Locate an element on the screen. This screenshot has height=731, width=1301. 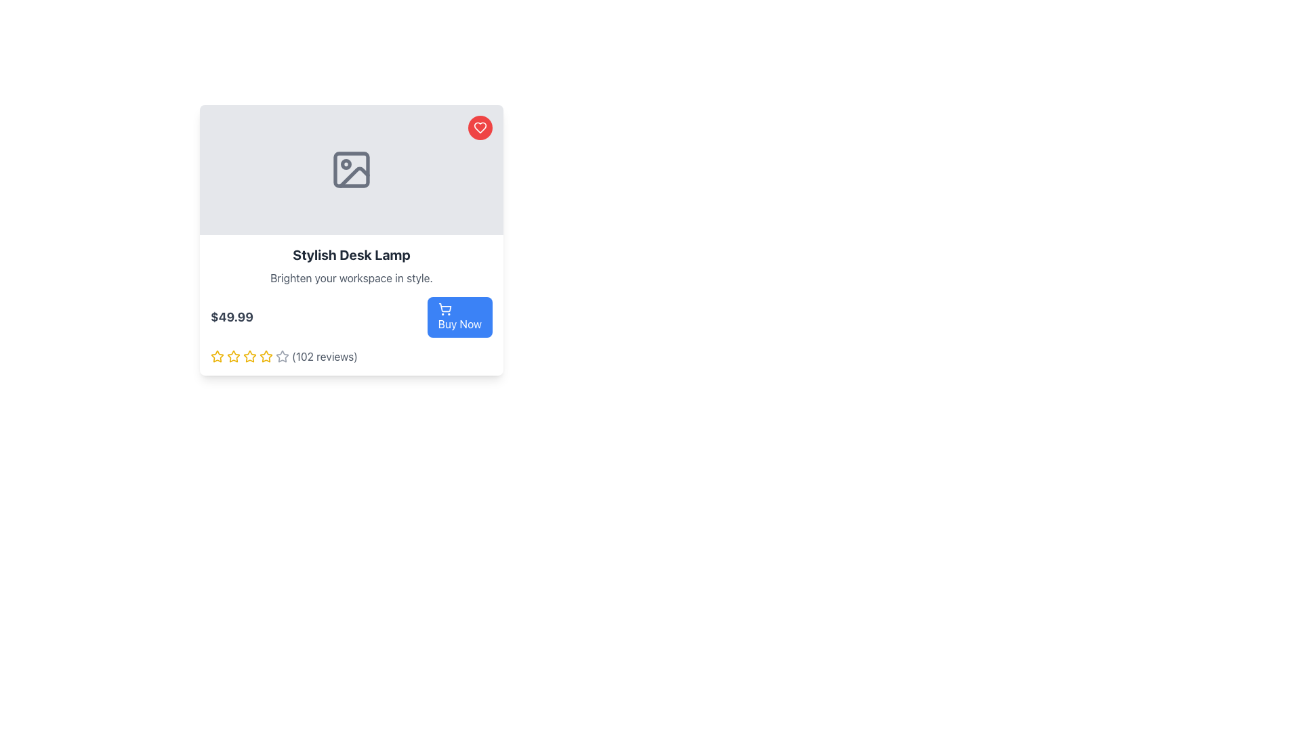
the second star icon in the rating system, which is gold-yellow in color and has a central cut-out, located below the product information text is located at coordinates (250, 355).